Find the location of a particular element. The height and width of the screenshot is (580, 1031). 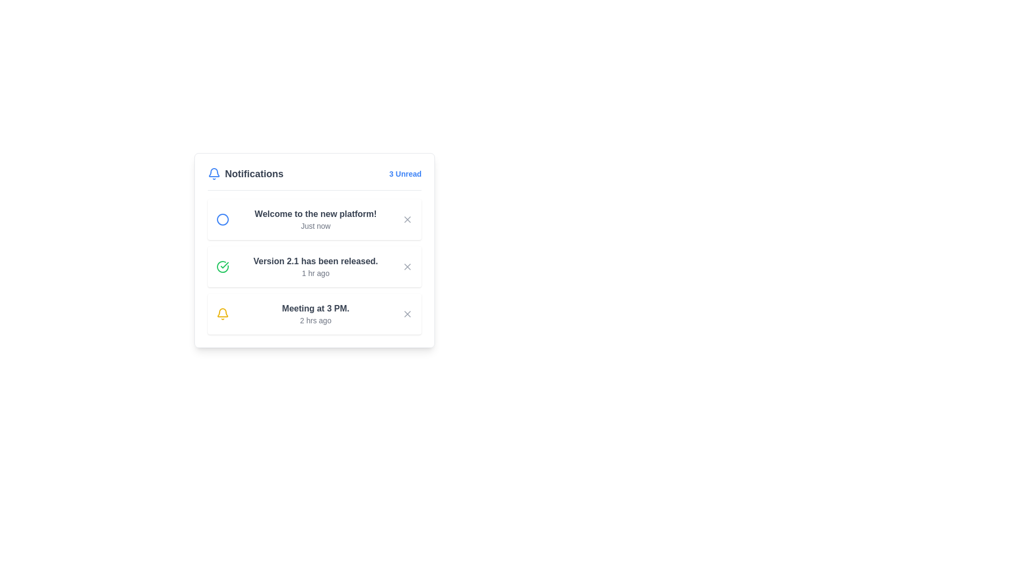

the Close or Dismiss button icon, which is represented by an X shape in the notification panel next to 'Meeting at 3 PM.' is located at coordinates (406, 314).